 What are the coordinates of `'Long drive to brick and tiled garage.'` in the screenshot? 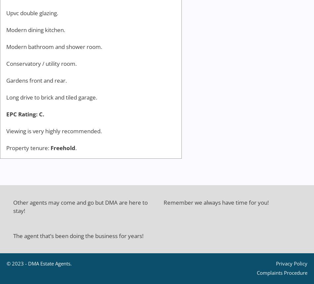 It's located at (52, 97).